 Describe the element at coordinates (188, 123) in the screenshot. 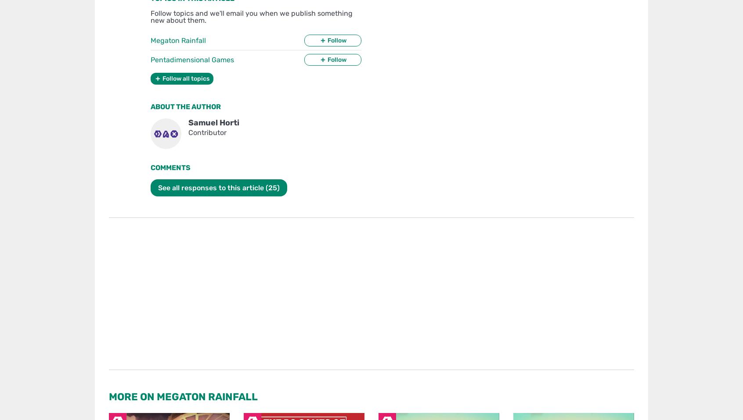

I see `'Samuel Horti'` at that location.